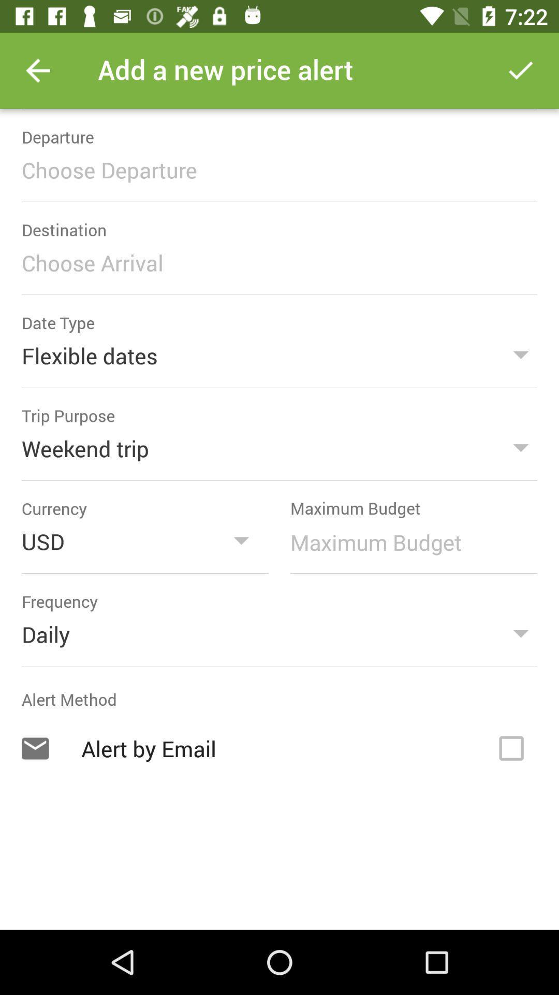  I want to click on icon to the right of add a new item, so click(521, 70).